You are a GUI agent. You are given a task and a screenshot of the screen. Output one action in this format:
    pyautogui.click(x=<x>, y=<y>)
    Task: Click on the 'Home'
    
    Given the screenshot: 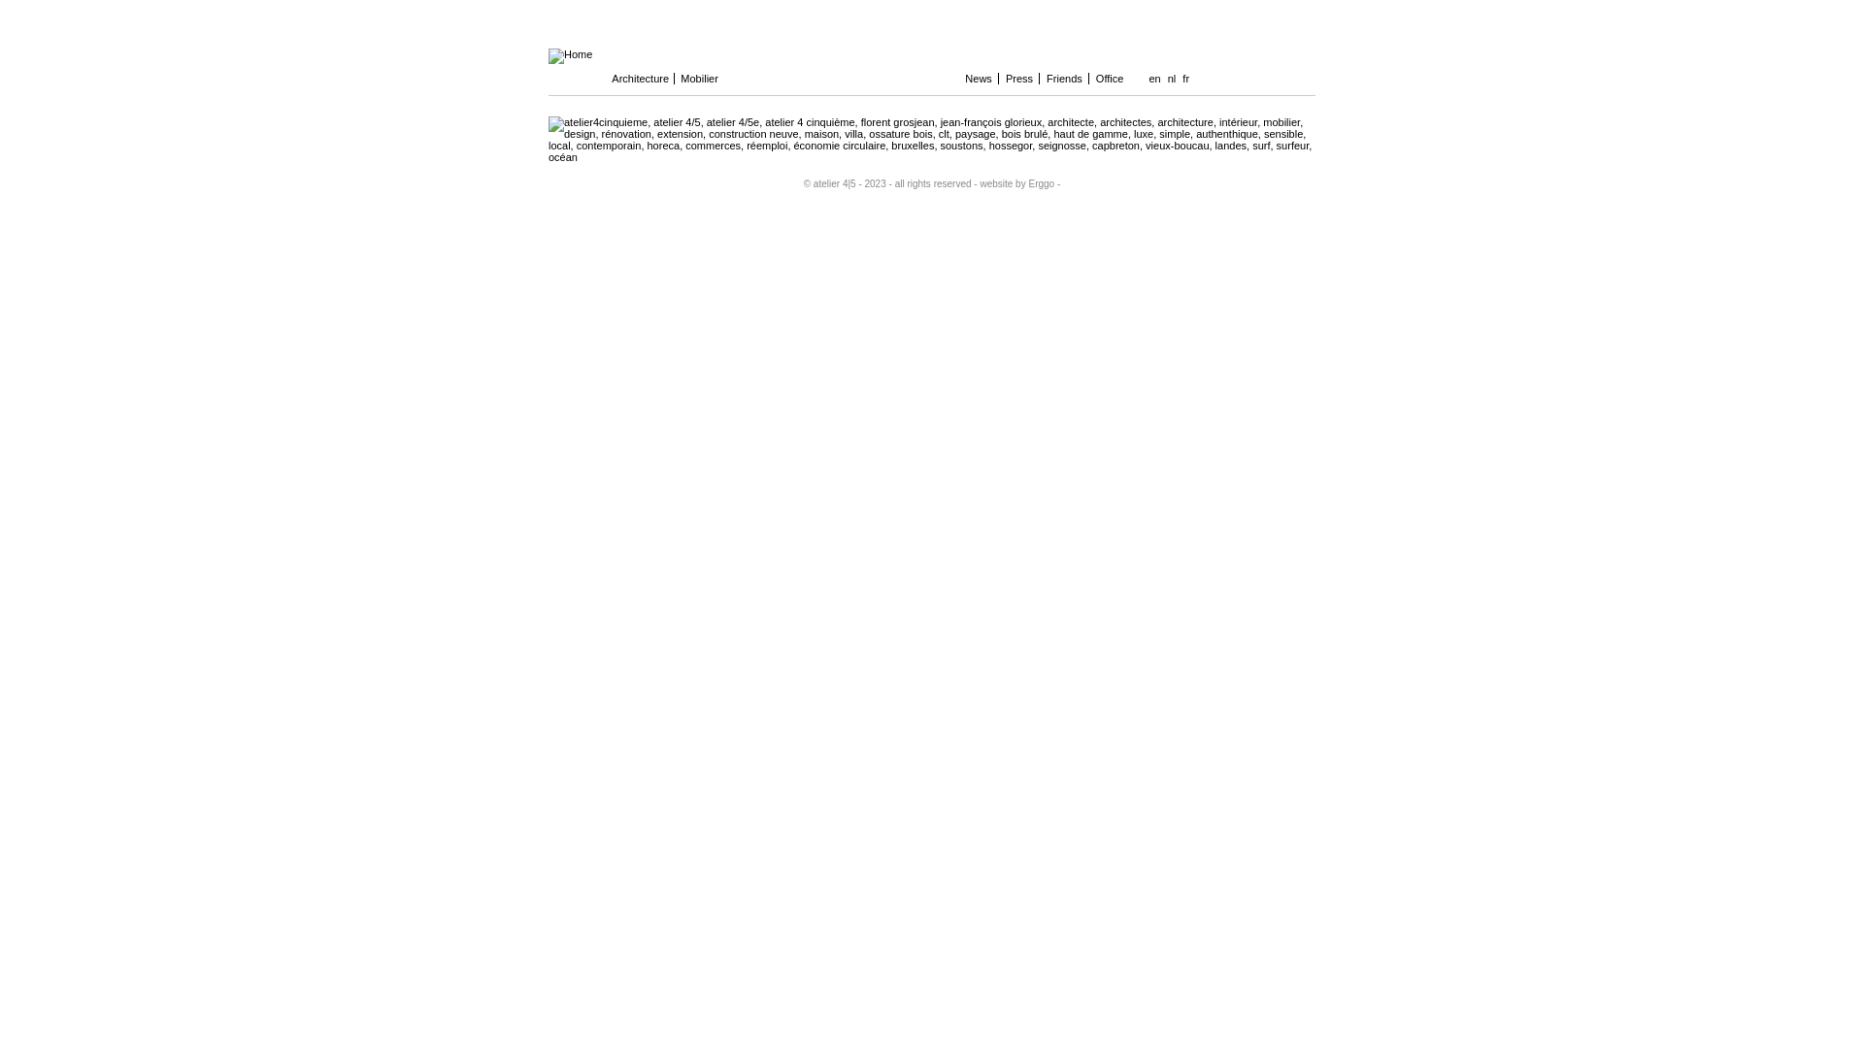 What is the action you would take?
    pyautogui.click(x=569, y=53)
    